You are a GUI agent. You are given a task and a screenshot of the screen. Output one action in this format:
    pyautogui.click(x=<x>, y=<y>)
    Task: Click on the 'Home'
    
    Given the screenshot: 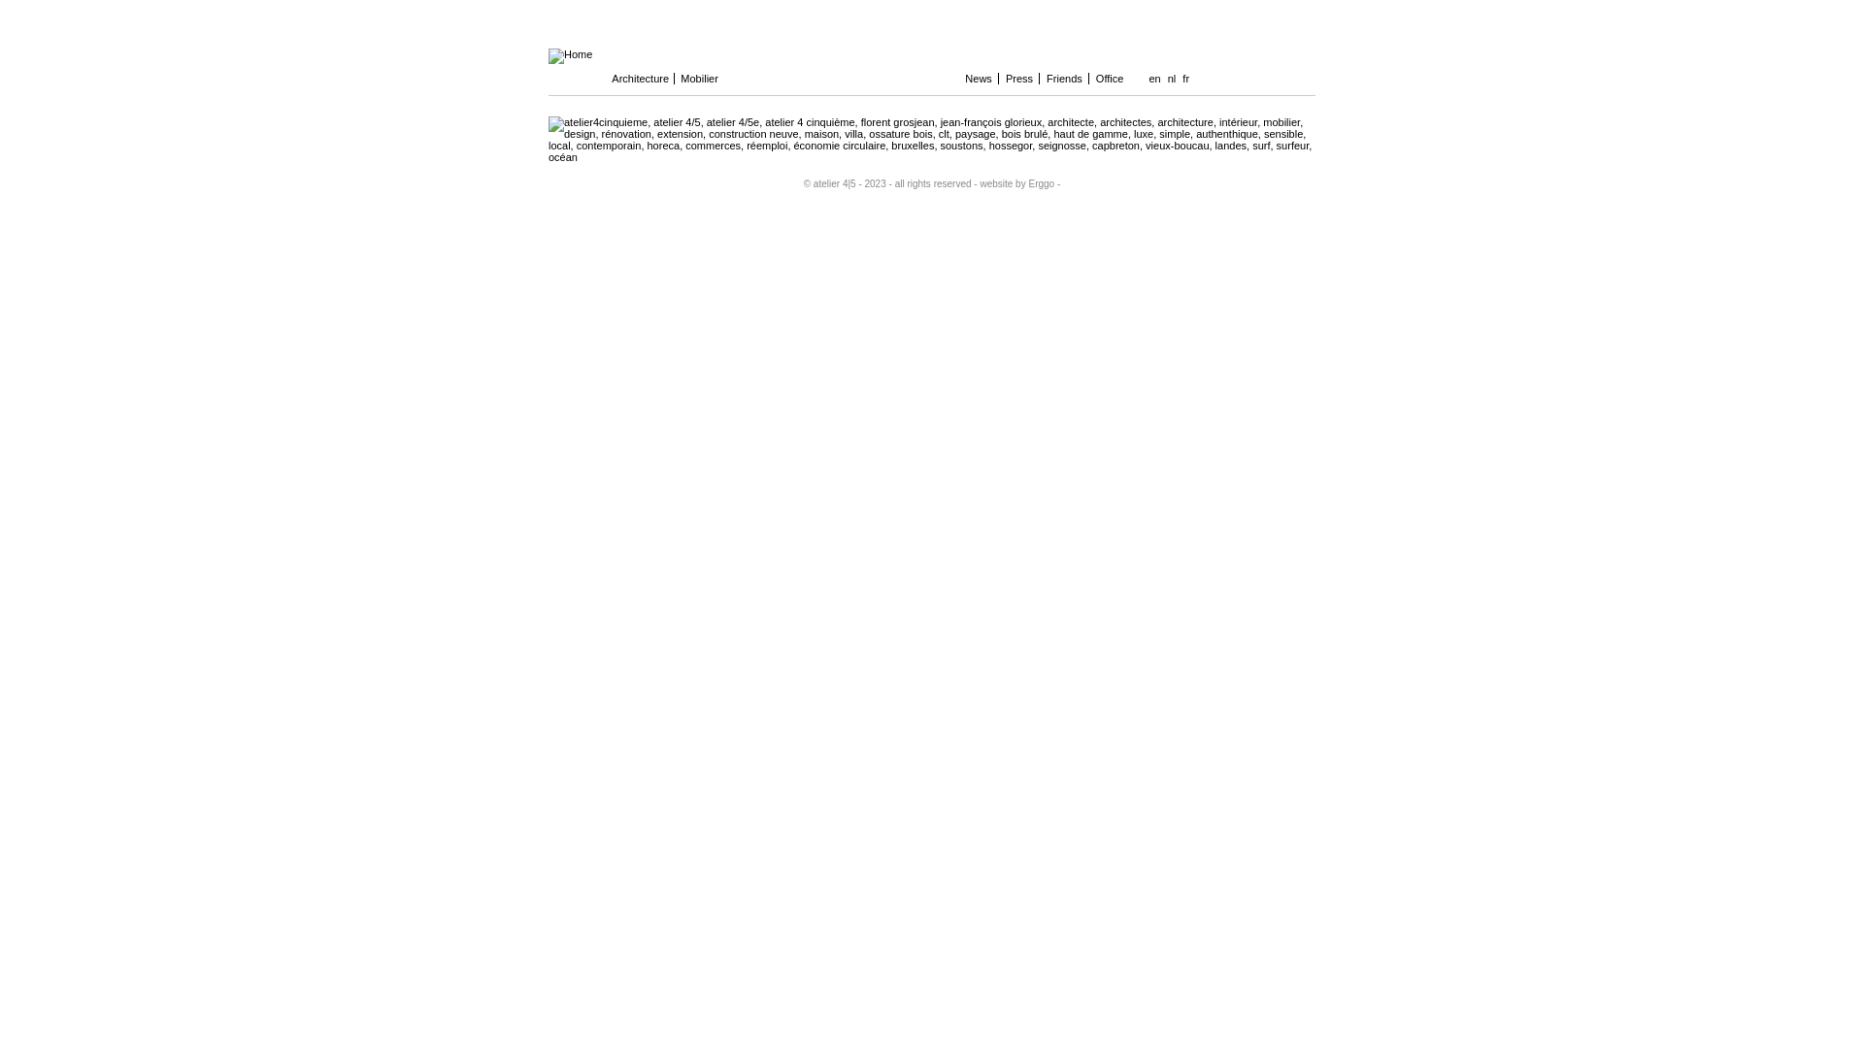 What is the action you would take?
    pyautogui.click(x=569, y=53)
    